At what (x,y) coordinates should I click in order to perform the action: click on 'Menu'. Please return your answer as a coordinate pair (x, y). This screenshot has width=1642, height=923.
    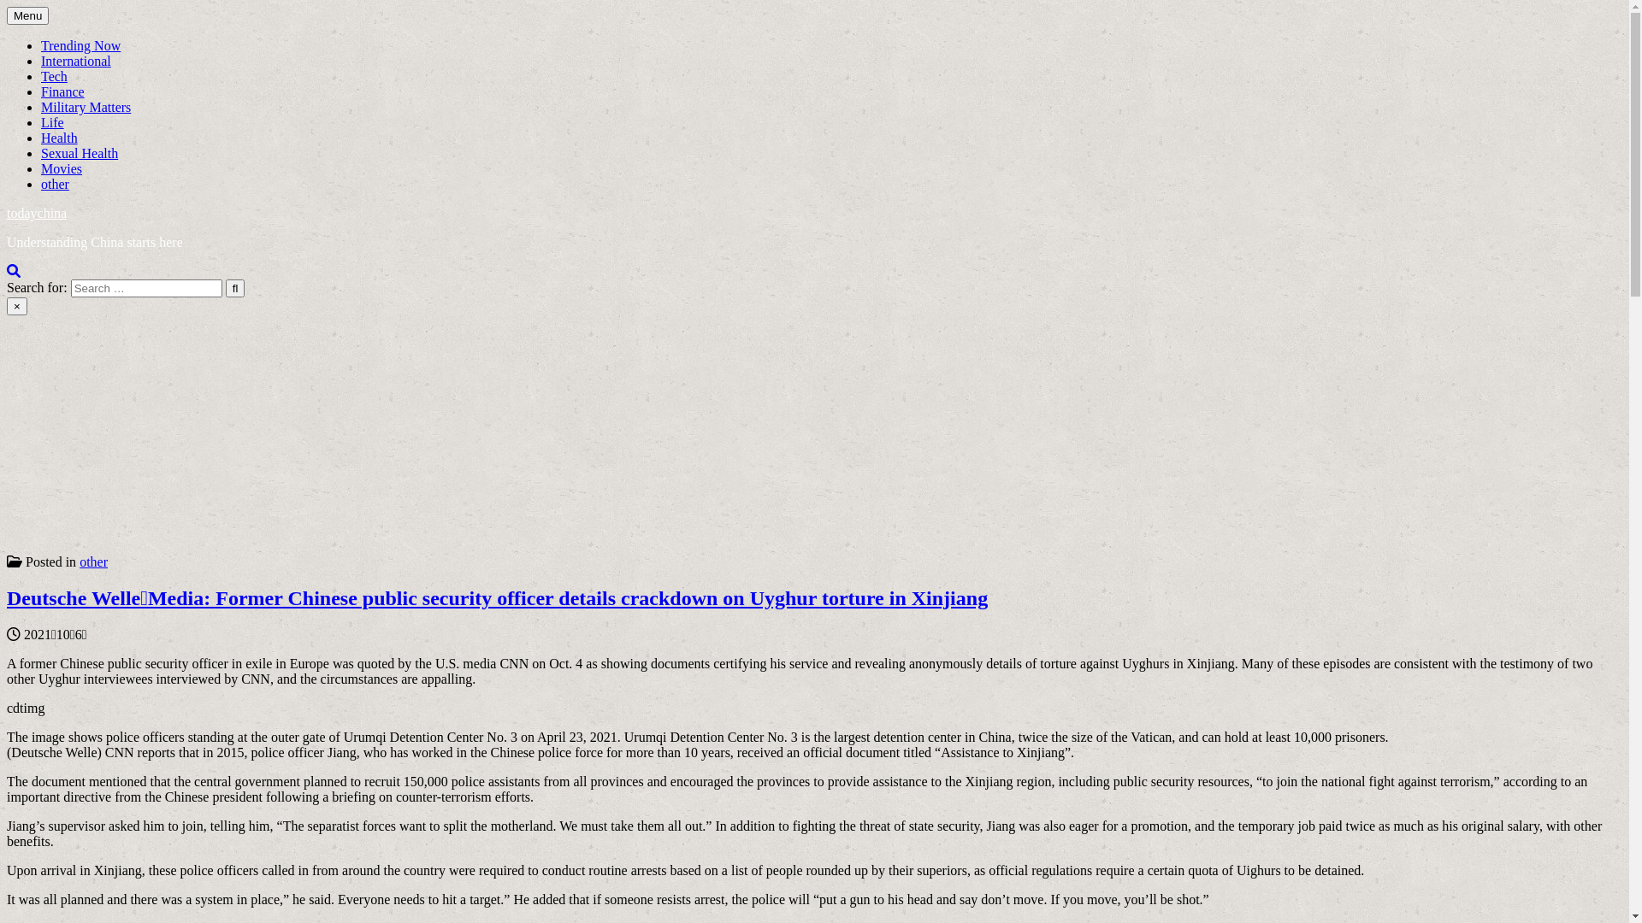
    Looking at the image, I should click on (27, 15).